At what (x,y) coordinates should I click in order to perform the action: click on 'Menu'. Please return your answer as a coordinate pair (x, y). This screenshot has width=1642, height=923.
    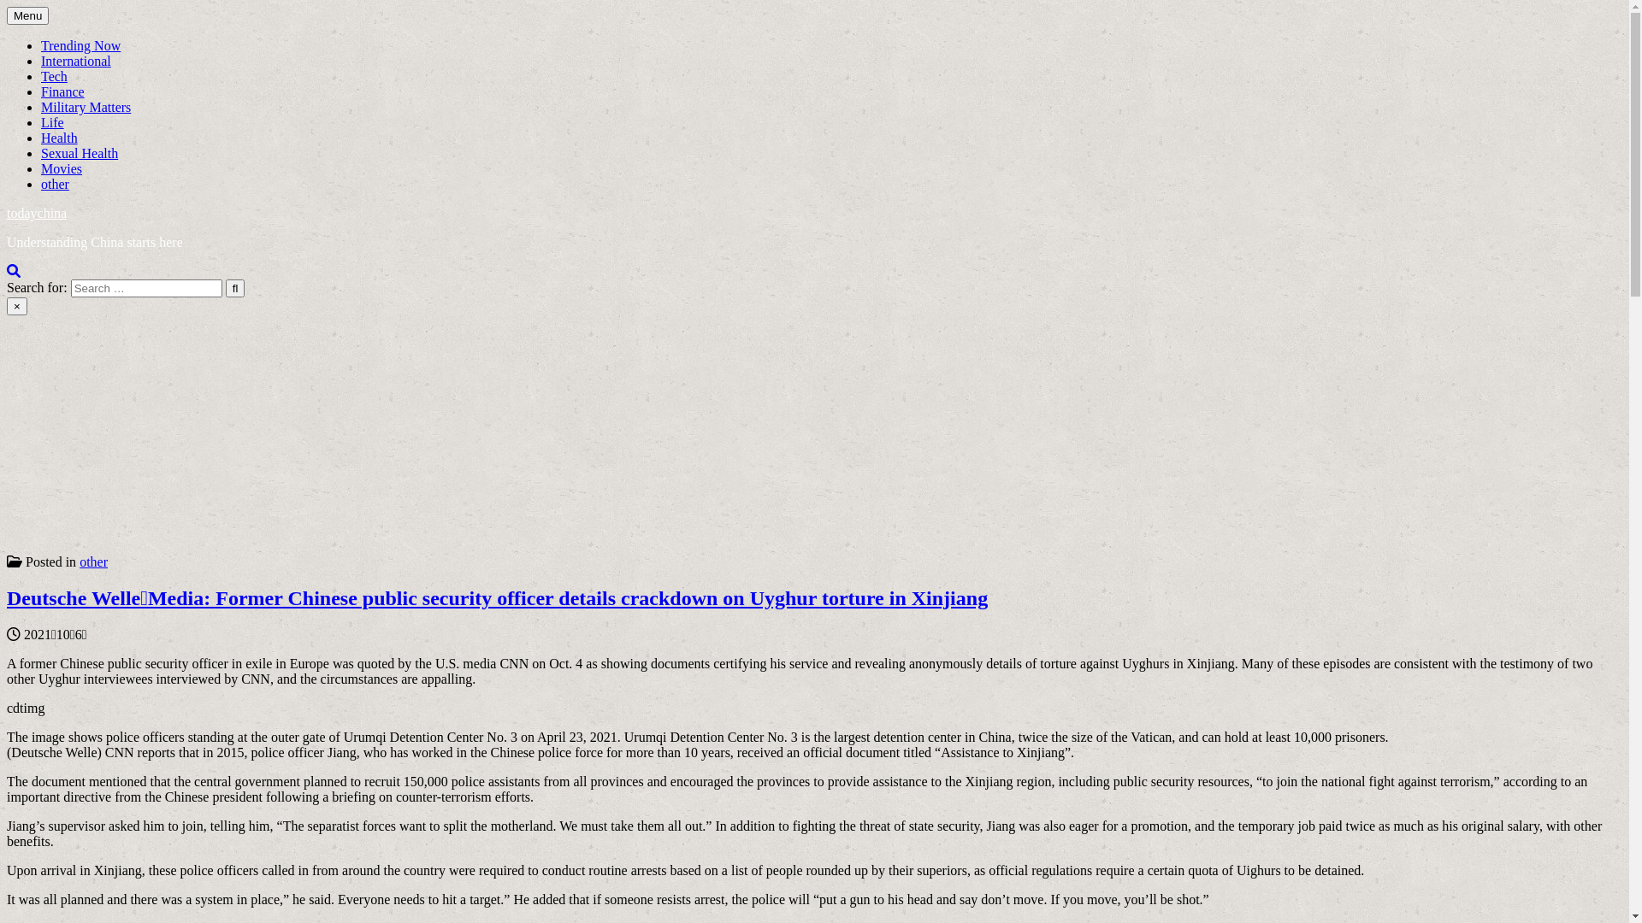
    Looking at the image, I should click on (27, 15).